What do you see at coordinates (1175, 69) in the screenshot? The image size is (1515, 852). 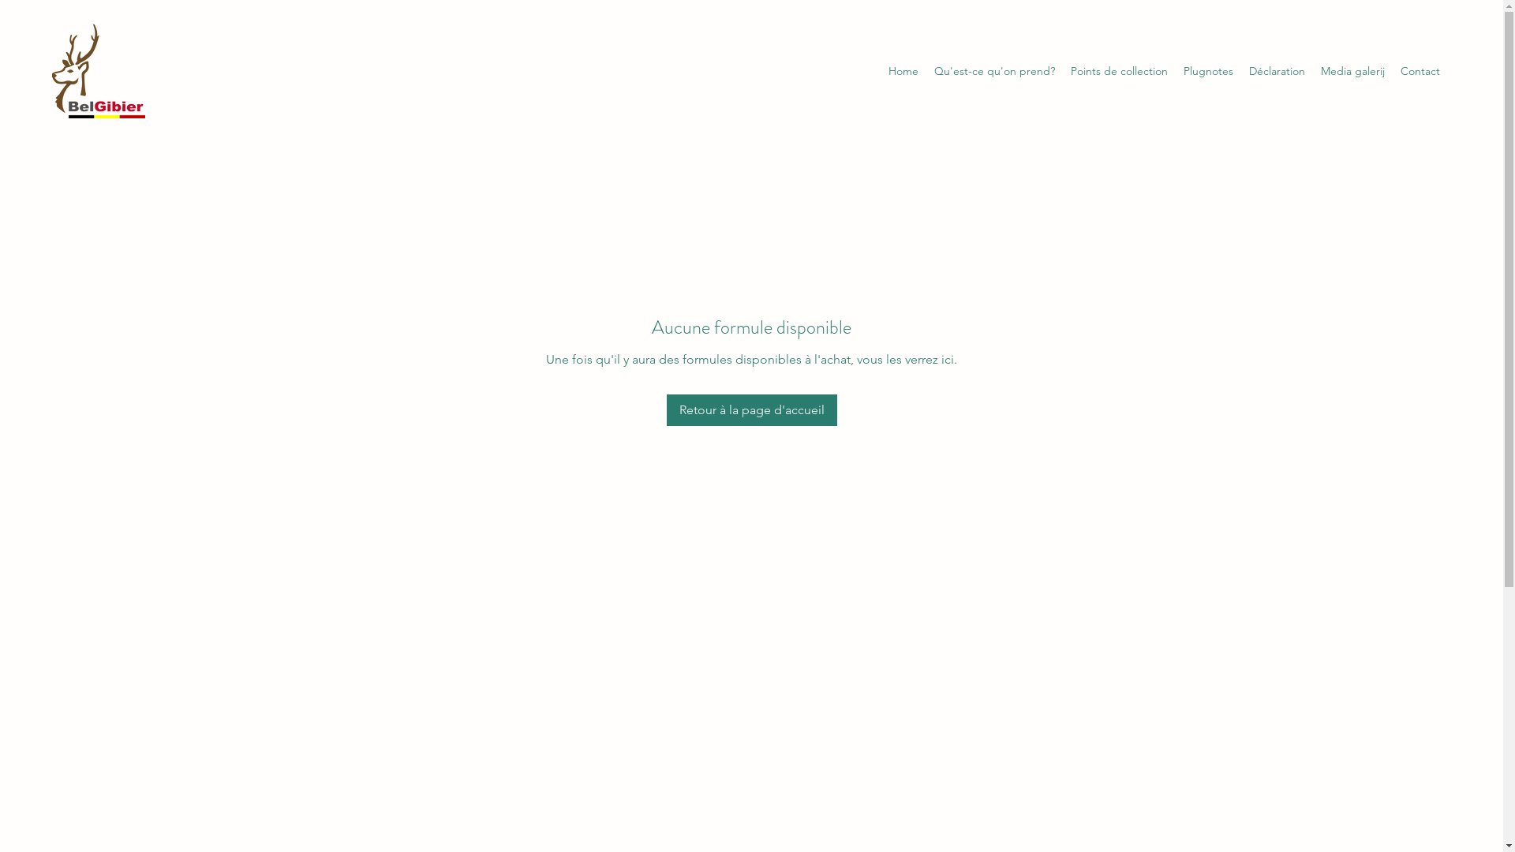 I see `'Plugnotes'` at bounding box center [1175, 69].